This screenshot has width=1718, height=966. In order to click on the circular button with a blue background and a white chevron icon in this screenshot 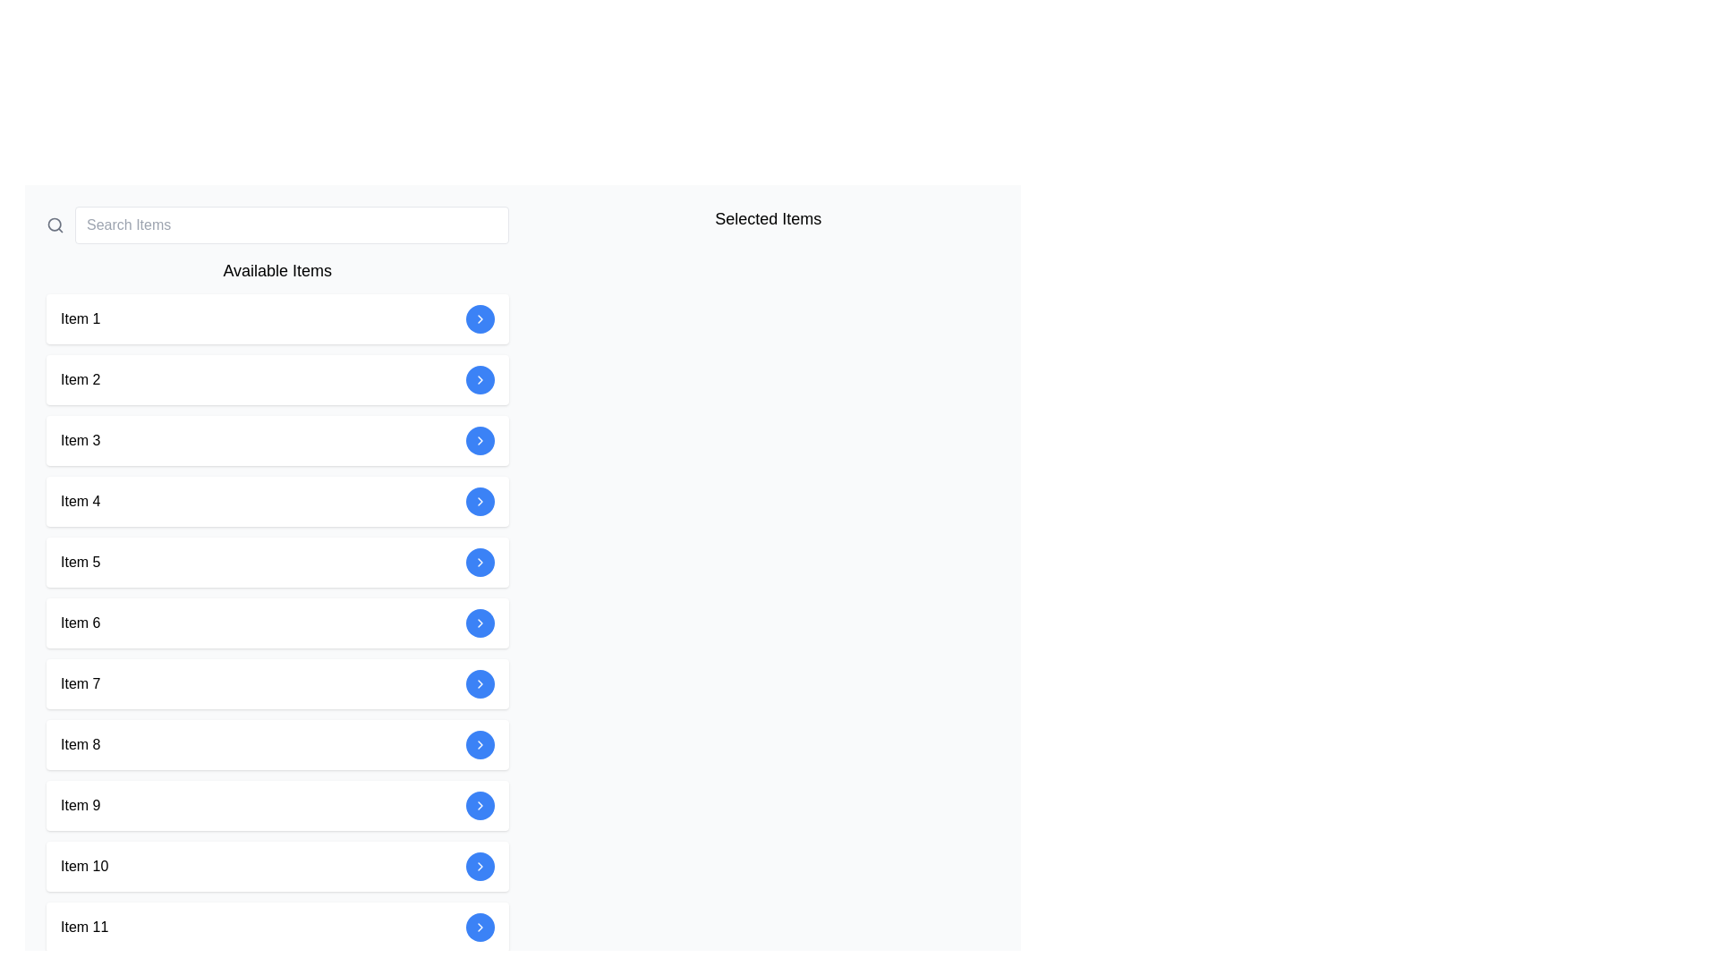, I will do `click(480, 318)`.